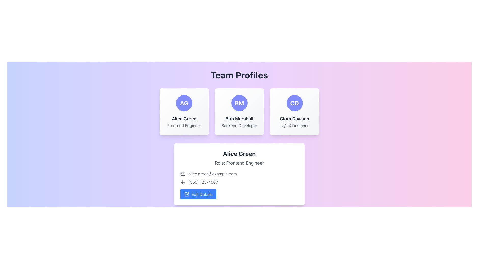  What do you see at coordinates (184, 103) in the screenshot?
I see `the Profile Badge displaying Alice Green's initials` at bounding box center [184, 103].